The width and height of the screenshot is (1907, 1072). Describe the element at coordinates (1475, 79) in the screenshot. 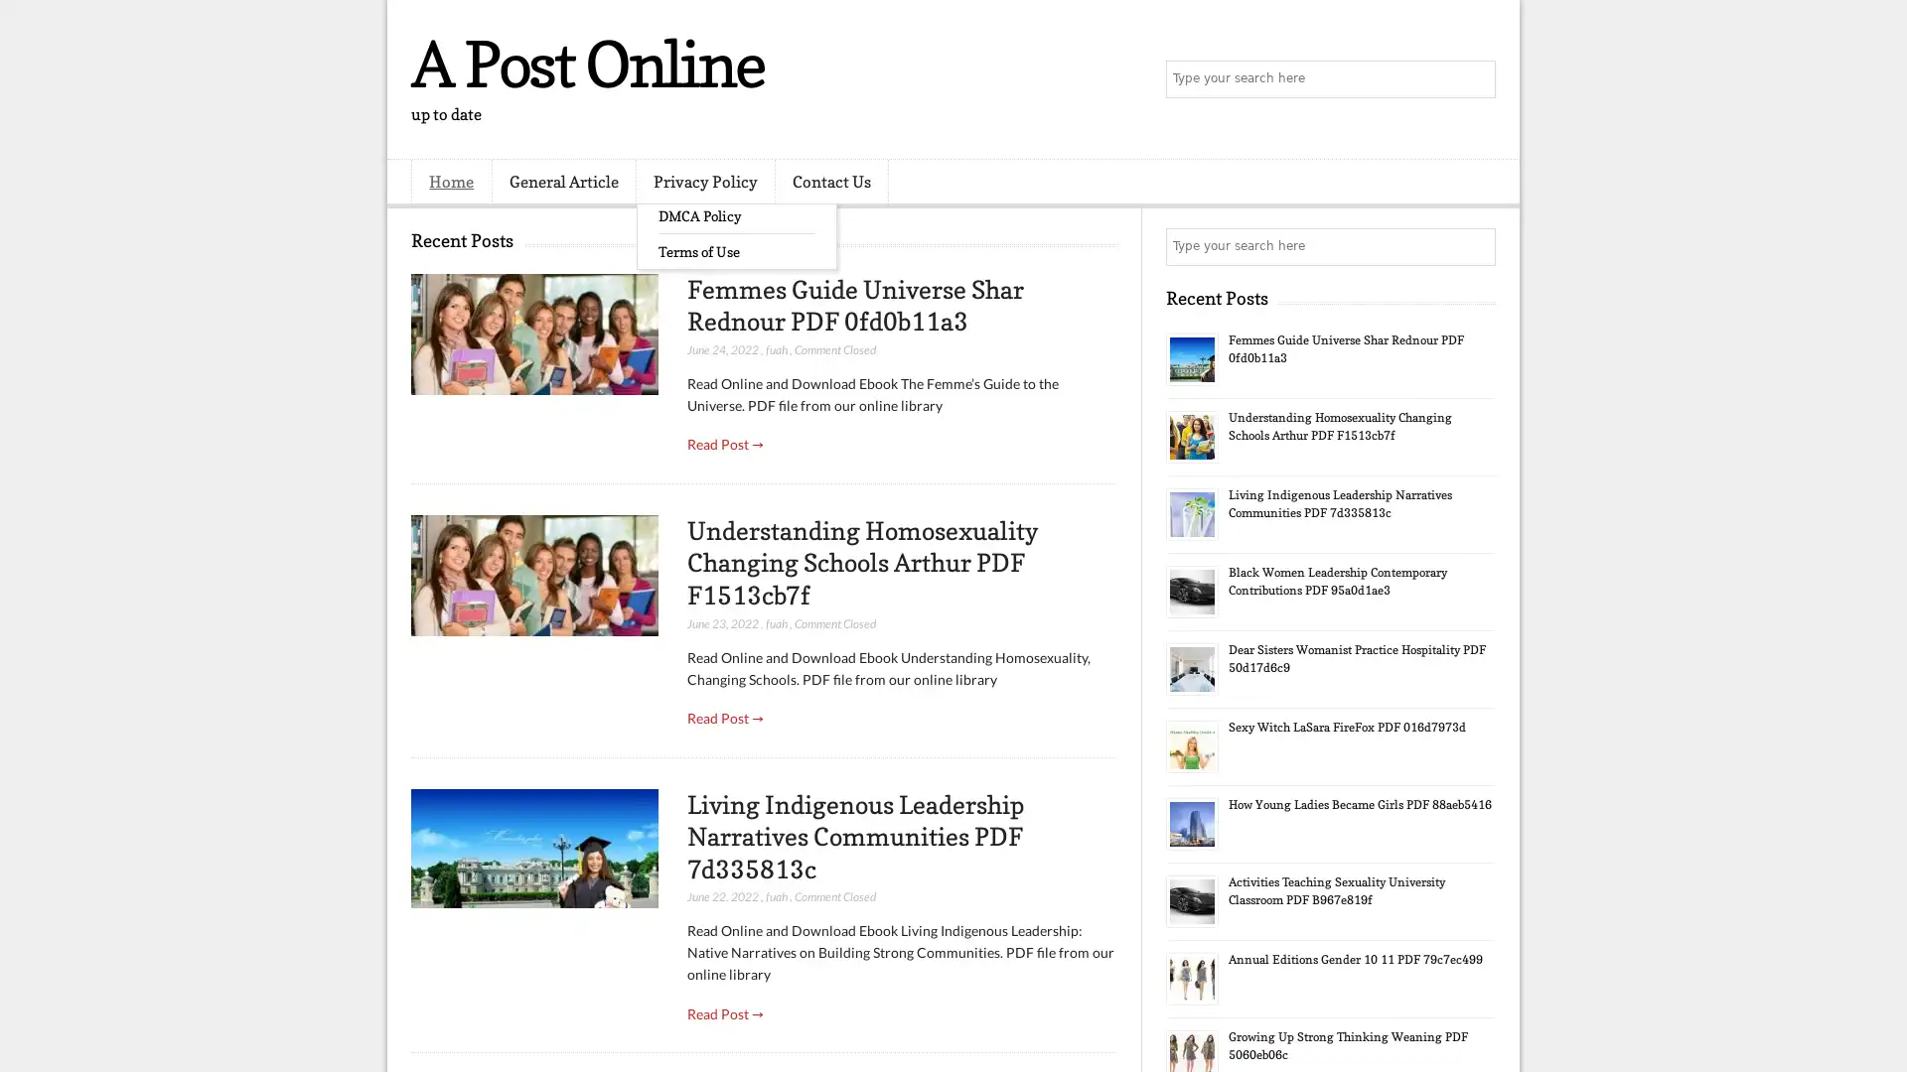

I see `Search` at that location.